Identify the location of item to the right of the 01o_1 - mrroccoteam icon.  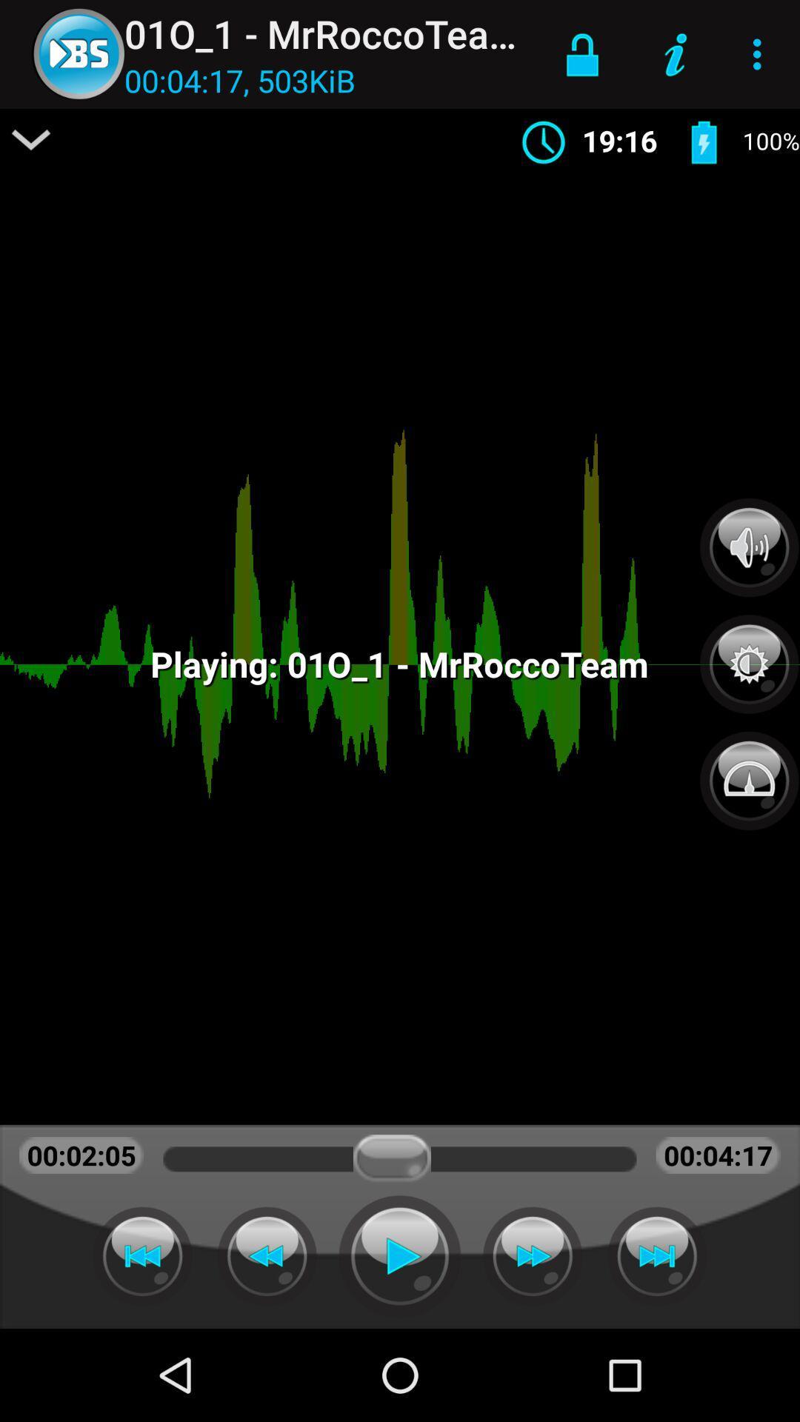
(581, 54).